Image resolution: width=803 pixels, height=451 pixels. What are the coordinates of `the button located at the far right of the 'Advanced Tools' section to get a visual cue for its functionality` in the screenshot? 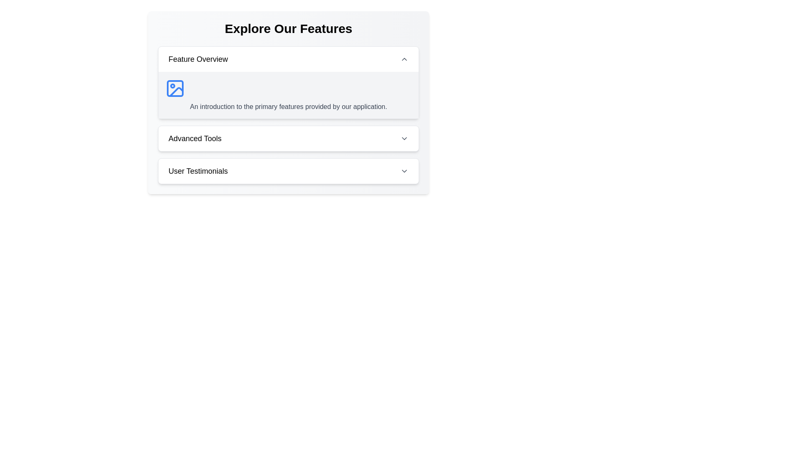 It's located at (404, 138).